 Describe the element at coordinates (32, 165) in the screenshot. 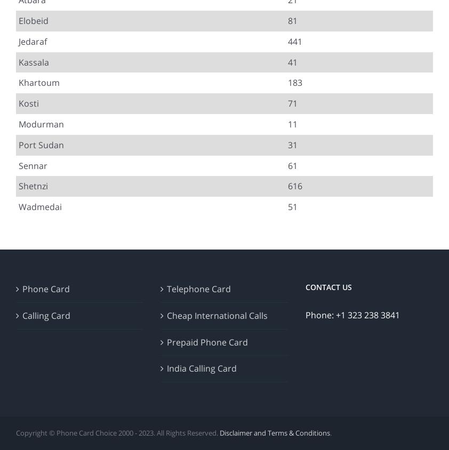

I see `'Sennar'` at that location.